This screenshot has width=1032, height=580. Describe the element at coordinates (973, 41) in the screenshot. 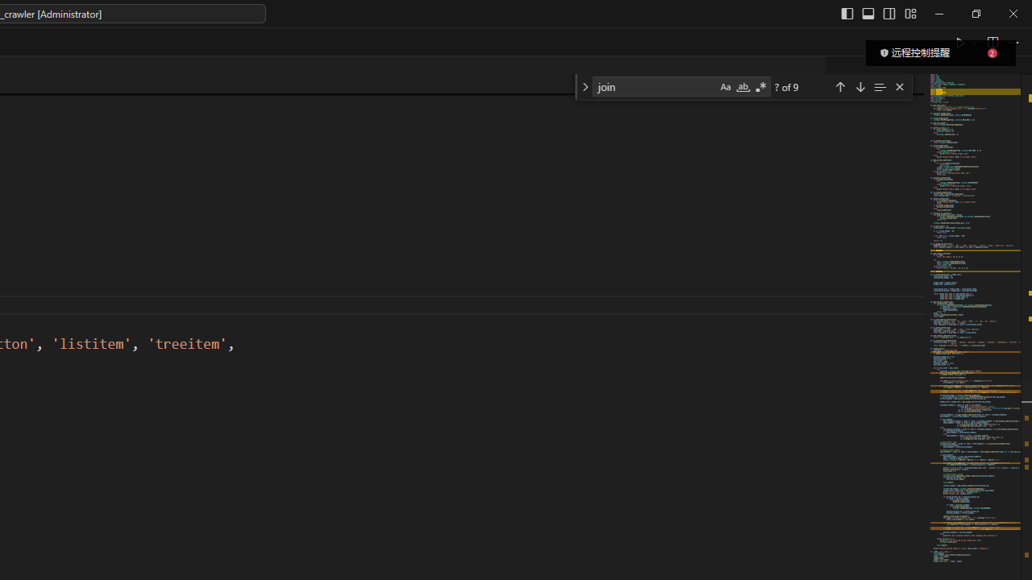

I see `'Run or Debug...'` at that location.